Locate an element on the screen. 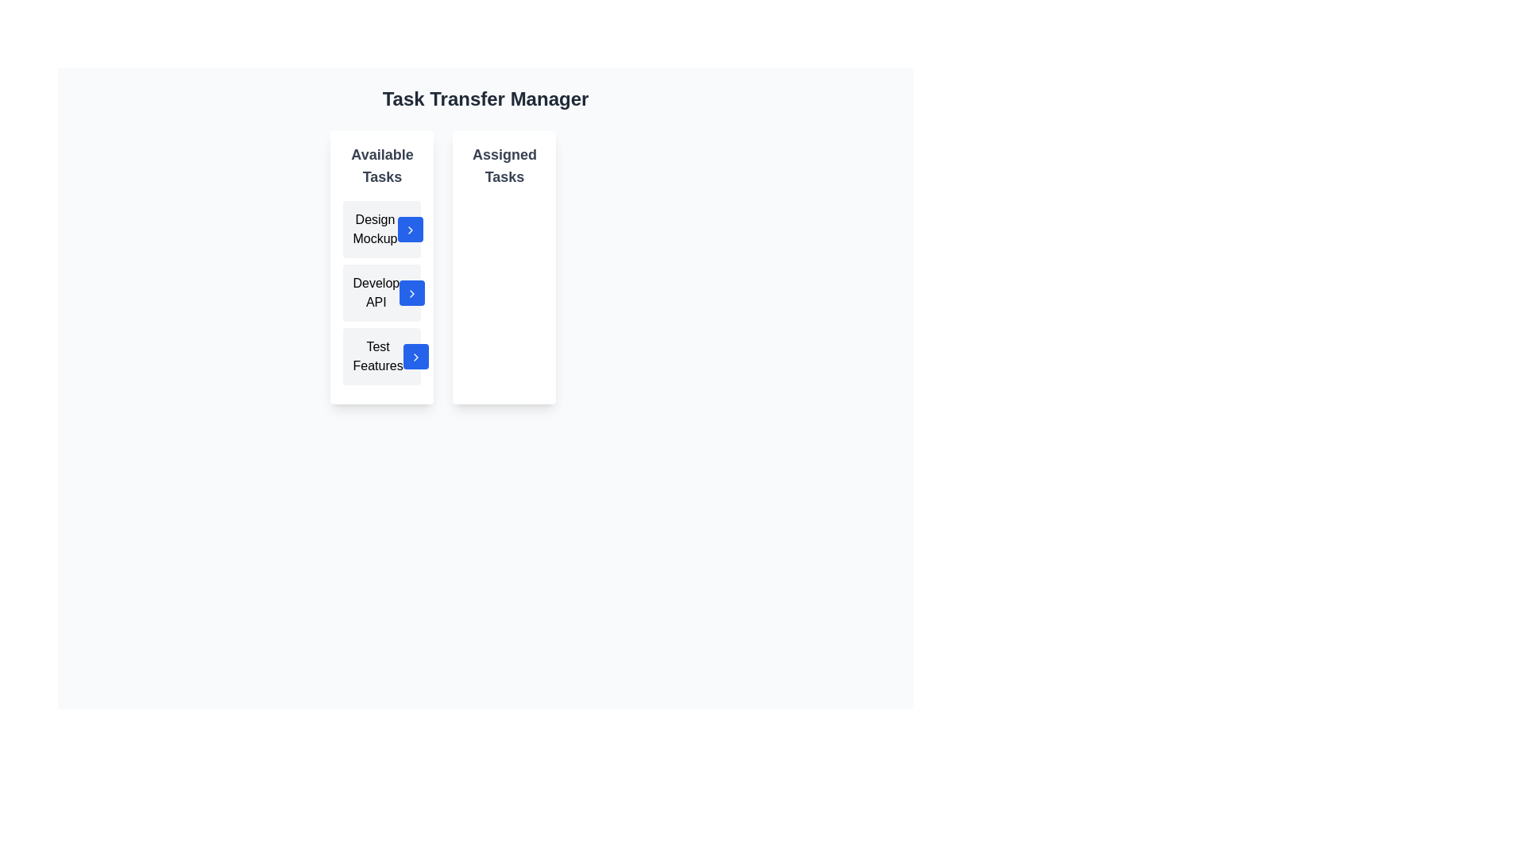 This screenshot has height=858, width=1525. the list item labeled 'Test Features' is located at coordinates (382, 355).